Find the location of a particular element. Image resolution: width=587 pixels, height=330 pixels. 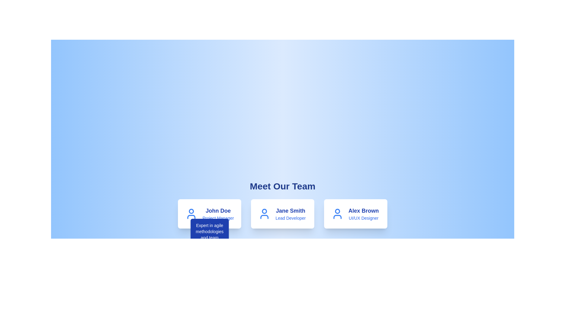

the Profile Card representing a team member's profile, which is the first card in a series of three cards displayed horizontally is located at coordinates (209, 213).